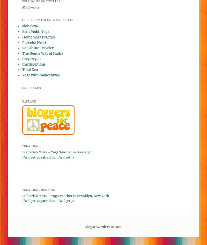 This screenshot has height=245, width=207. I want to click on 'My Tweets', so click(30, 7).